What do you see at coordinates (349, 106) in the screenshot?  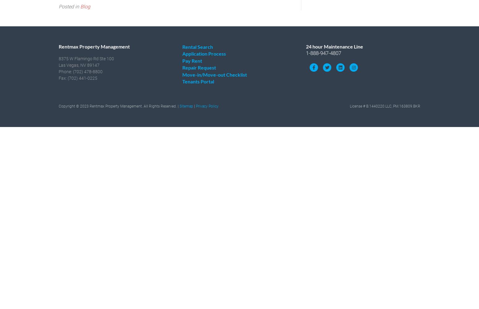 I see `'License # B.1440220.LLC, PM.163809.BKR'` at bounding box center [349, 106].